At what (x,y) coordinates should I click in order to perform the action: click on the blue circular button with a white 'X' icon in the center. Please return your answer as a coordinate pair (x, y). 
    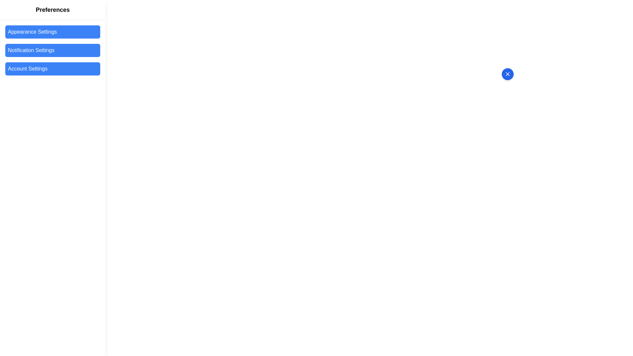
    Looking at the image, I should click on (507, 74).